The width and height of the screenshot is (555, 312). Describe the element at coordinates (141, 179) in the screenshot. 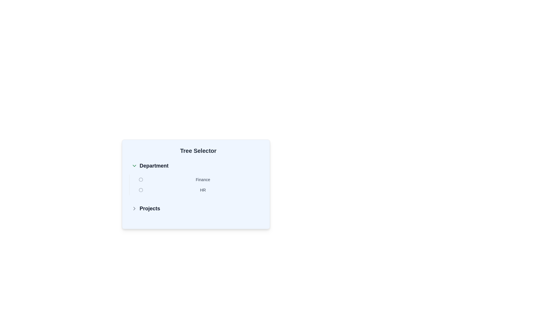

I see `the hollow circular checkbox located to the left of the 'Finance' label in the first list item under the 'Department' section of the 'Tree Selector' widget` at that location.